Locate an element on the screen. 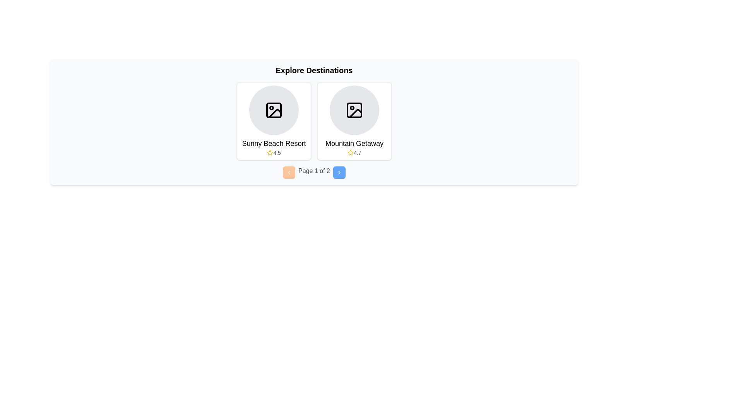 The height and width of the screenshot is (418, 743). the decorative rectangle within the icon of the leftmost card labeled 'Sunny Beach Resort', which serves as an image placeholder is located at coordinates (274, 110).